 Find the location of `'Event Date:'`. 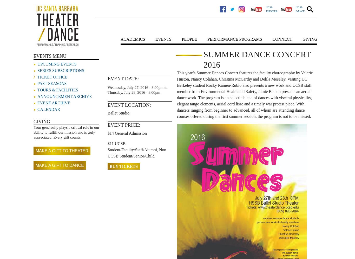

'Event Date:' is located at coordinates (124, 78).